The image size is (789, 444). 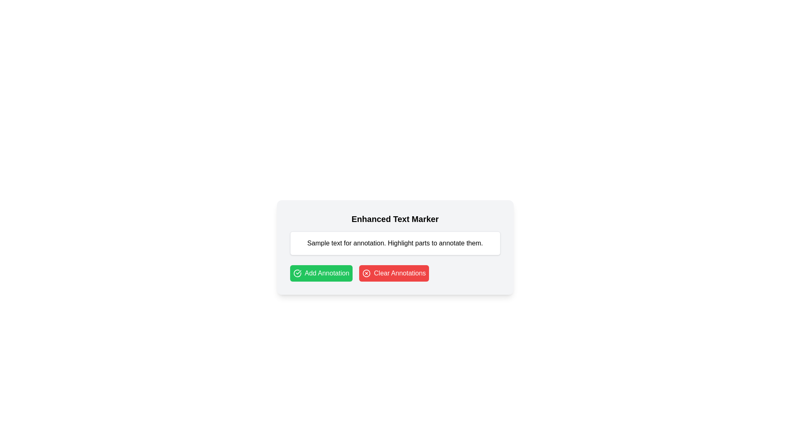 What do you see at coordinates (378, 243) in the screenshot?
I see `the text character 'o' which is the 25th character in the text string 'Sample text for annotation. Highlight parts to annotate them.'` at bounding box center [378, 243].